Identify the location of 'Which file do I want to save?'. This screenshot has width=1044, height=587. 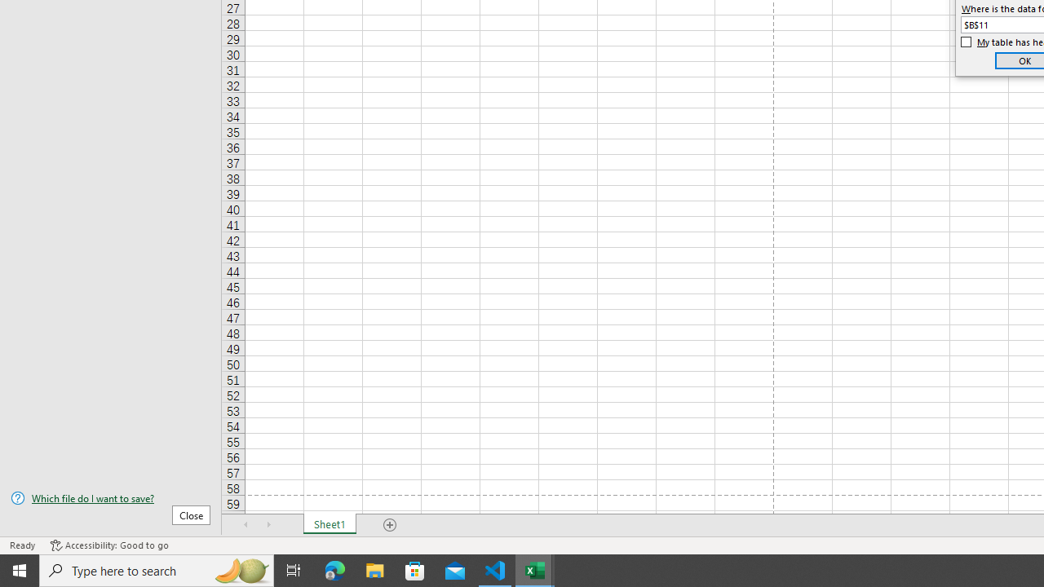
(110, 497).